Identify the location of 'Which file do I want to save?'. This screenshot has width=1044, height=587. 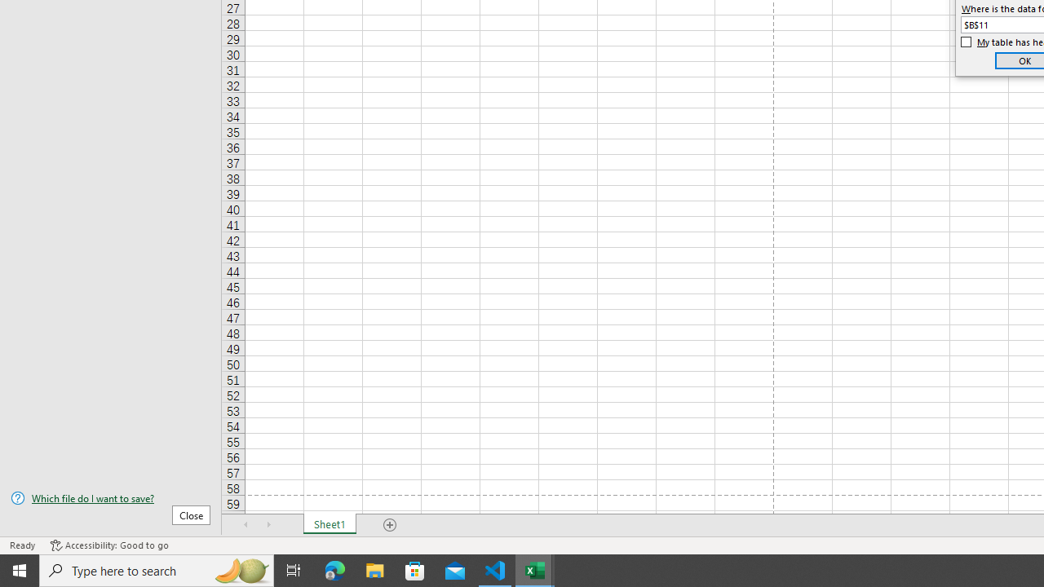
(110, 497).